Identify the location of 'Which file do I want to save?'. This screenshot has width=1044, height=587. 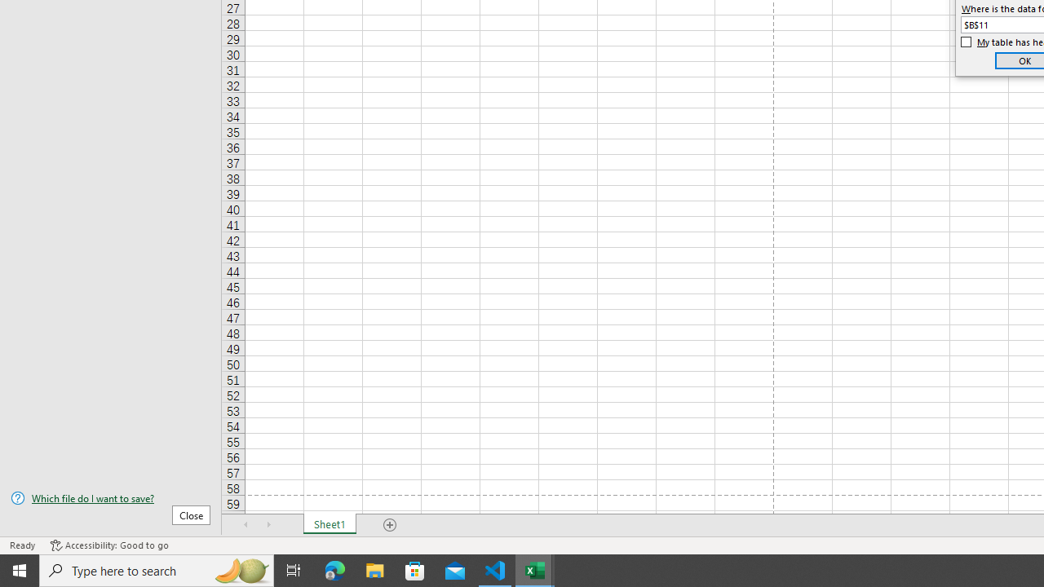
(110, 497).